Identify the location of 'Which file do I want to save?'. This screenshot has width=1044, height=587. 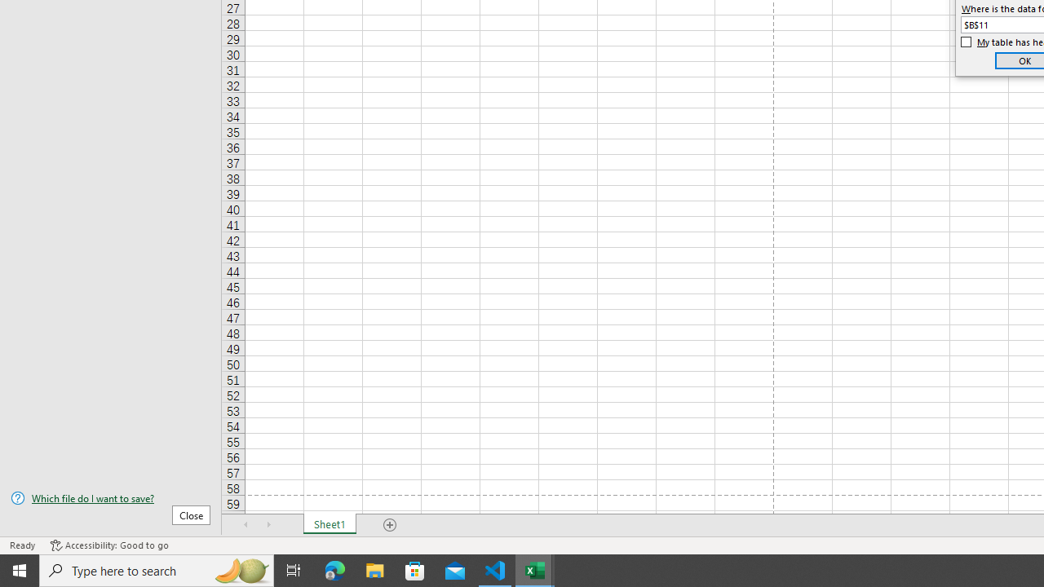
(110, 497).